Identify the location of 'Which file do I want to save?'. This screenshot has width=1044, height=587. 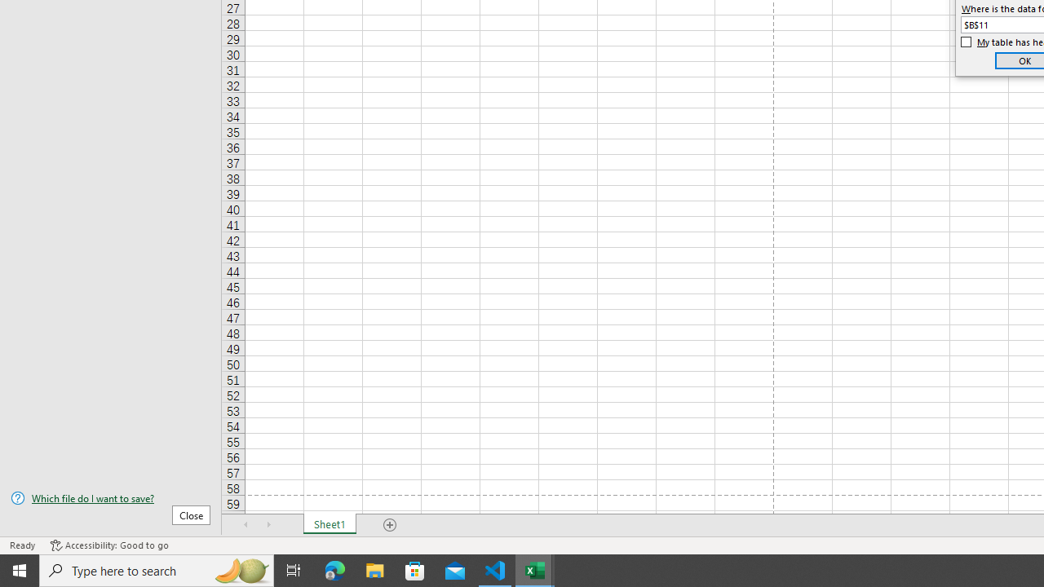
(110, 497).